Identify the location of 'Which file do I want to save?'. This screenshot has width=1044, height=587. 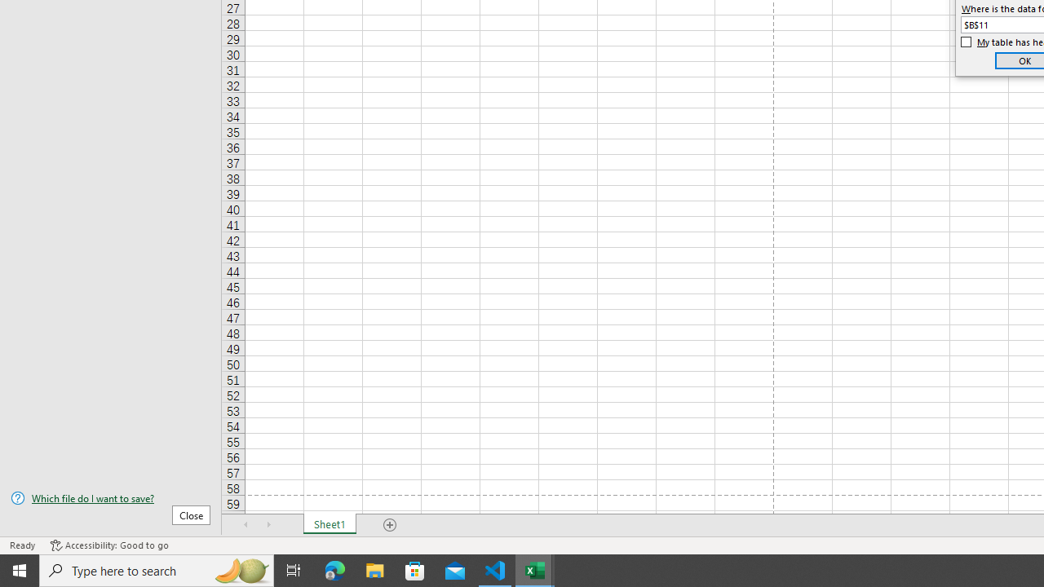
(110, 497).